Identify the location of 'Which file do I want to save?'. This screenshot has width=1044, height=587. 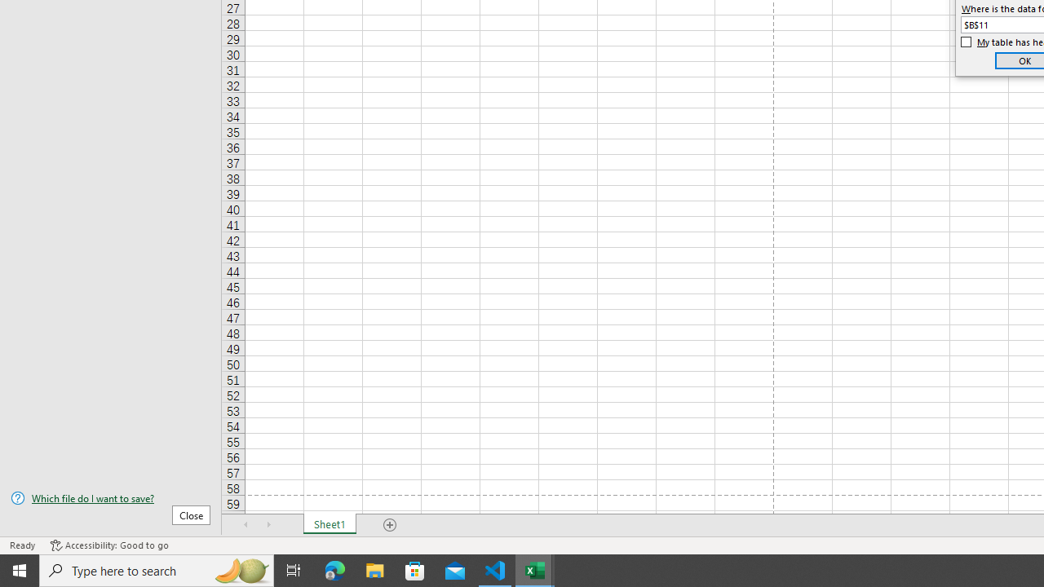
(110, 497).